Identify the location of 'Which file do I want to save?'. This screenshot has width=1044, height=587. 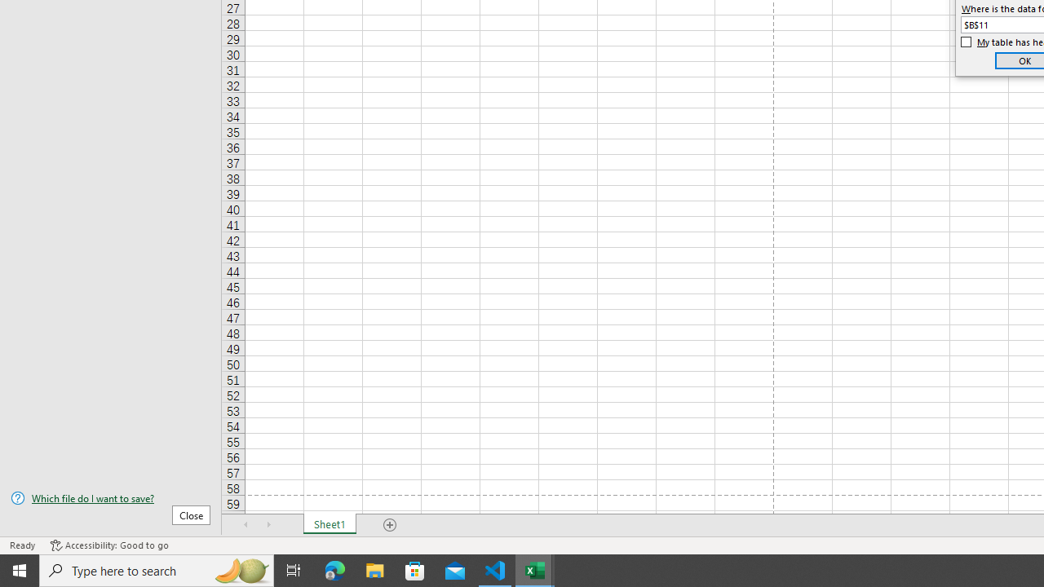
(110, 497).